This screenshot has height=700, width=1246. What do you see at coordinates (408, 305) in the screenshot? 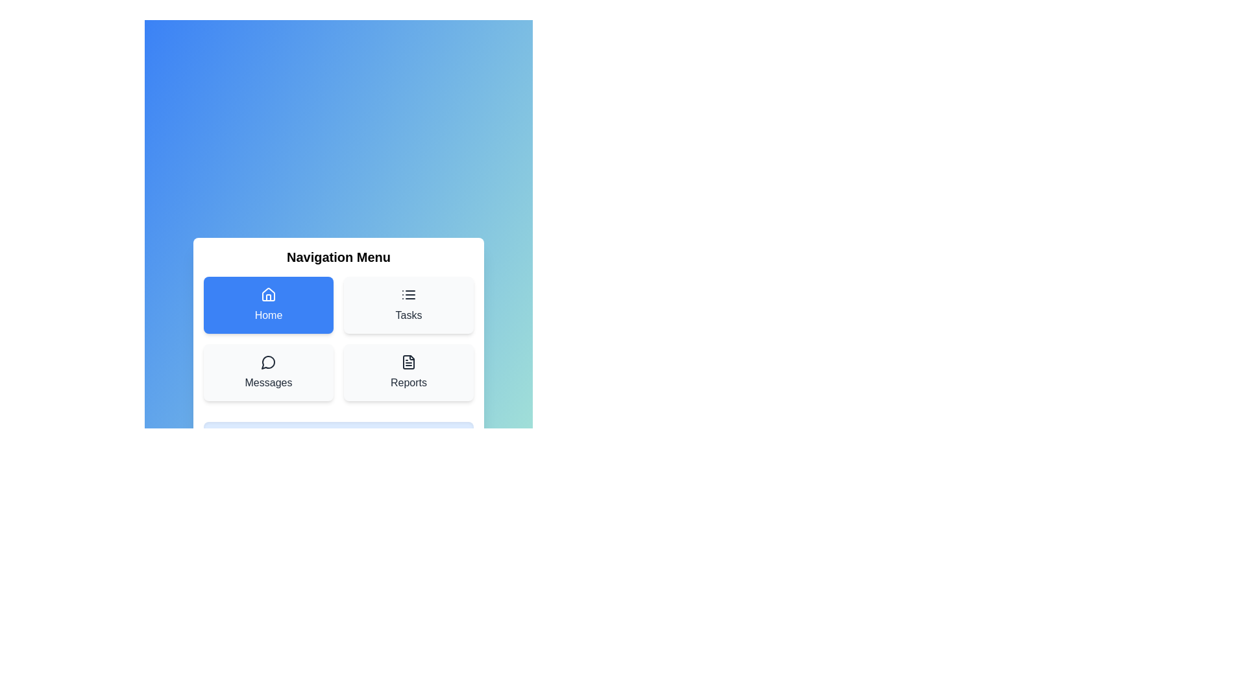
I see `the menu item Tasks to display its details` at bounding box center [408, 305].